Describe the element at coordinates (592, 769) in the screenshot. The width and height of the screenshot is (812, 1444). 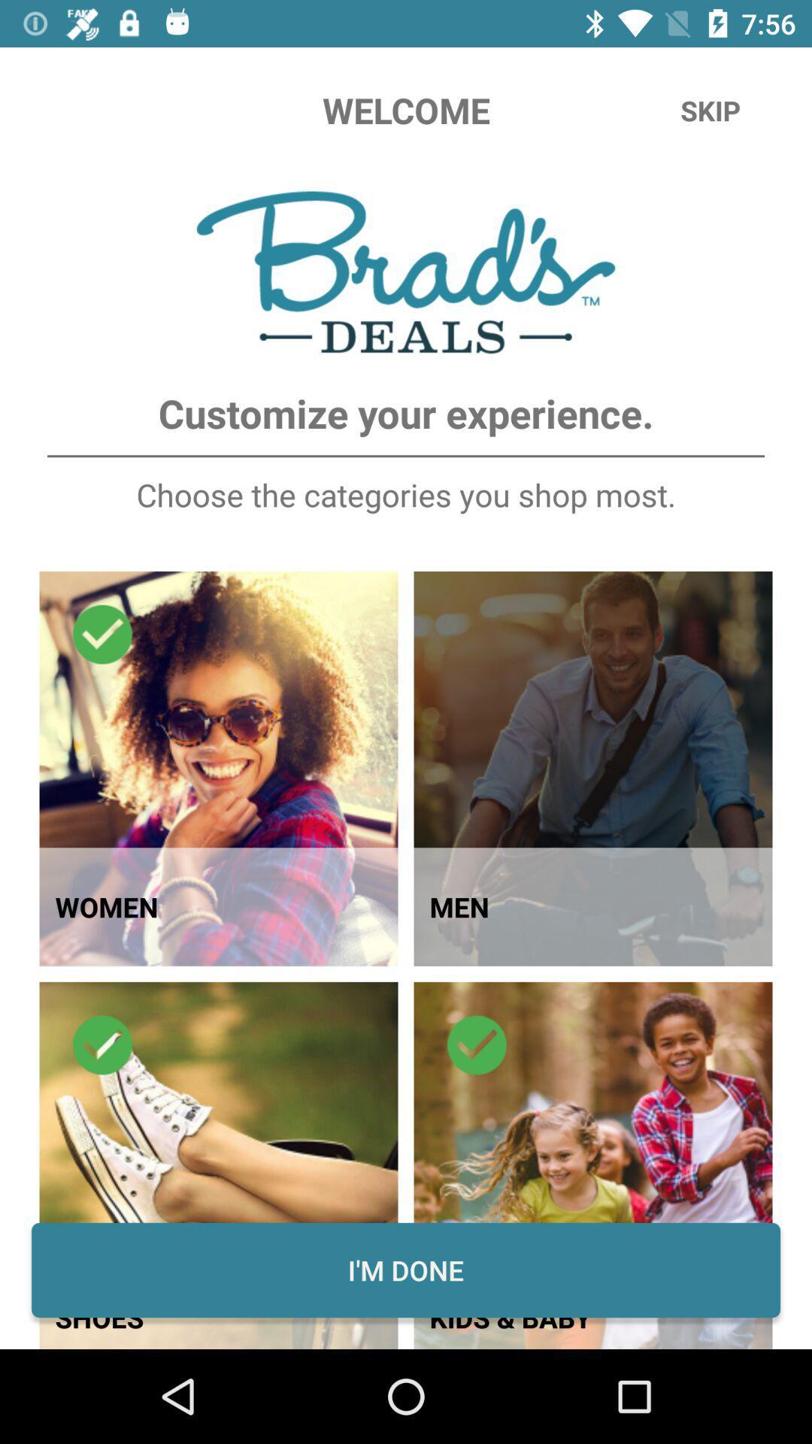
I see `the image which is right to the women` at that location.